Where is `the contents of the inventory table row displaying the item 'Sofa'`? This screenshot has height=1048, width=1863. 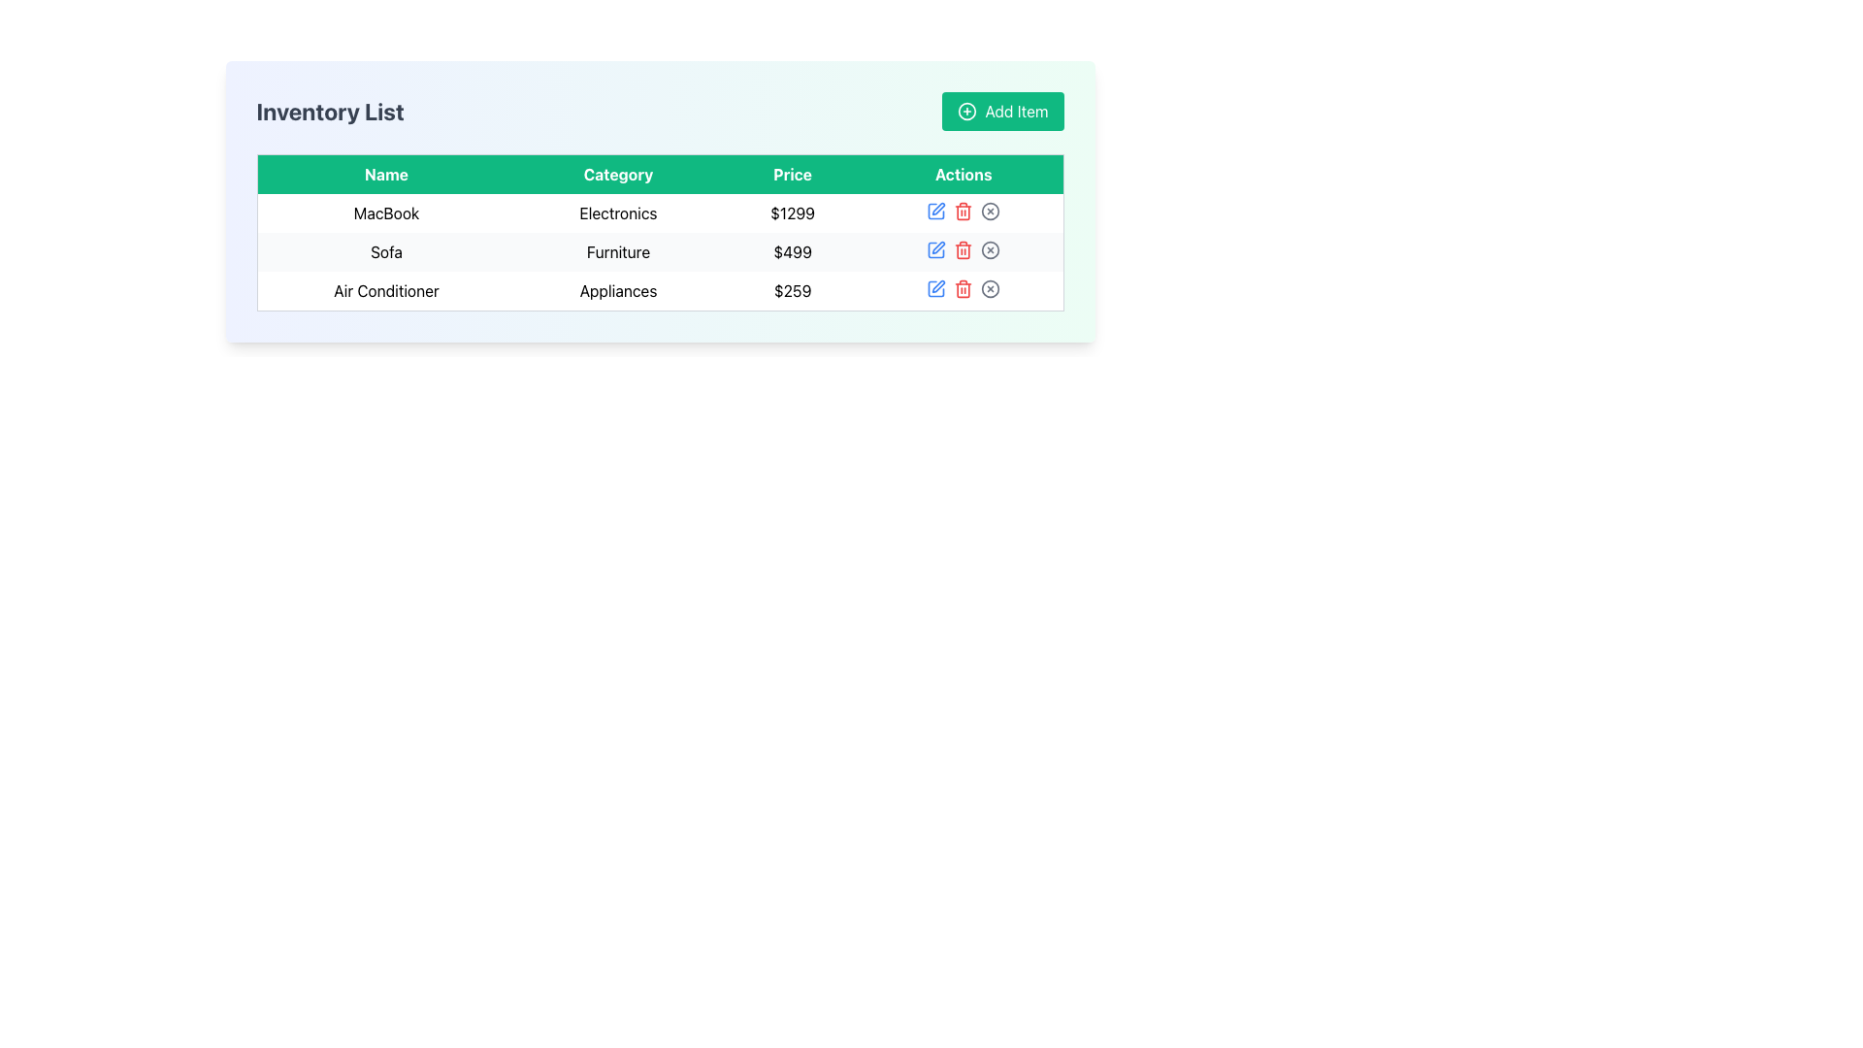 the contents of the inventory table row displaying the item 'Sofa' is located at coordinates (660, 250).